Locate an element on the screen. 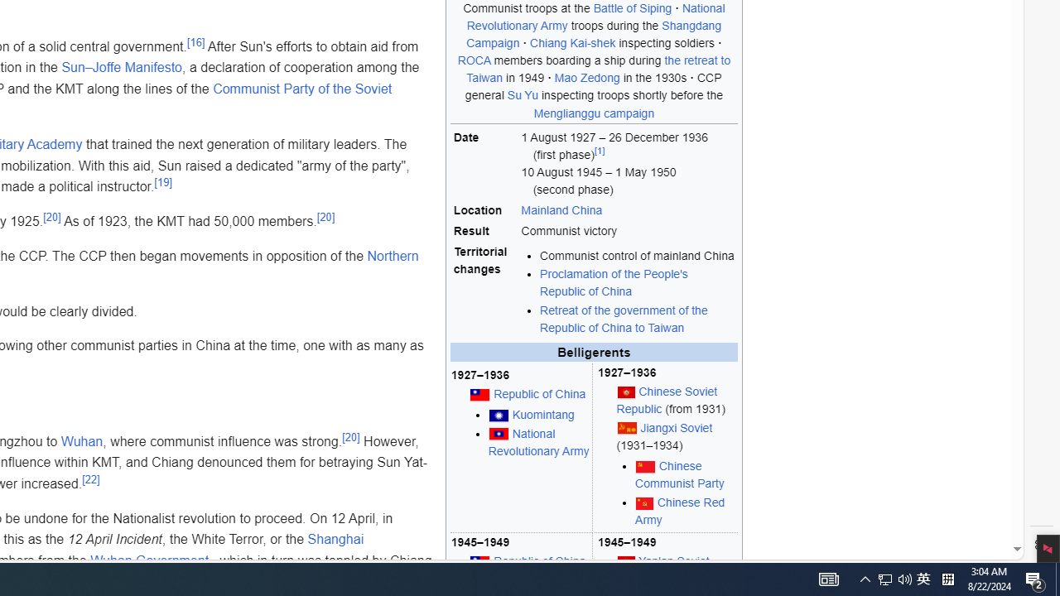  'Kuomintang' is located at coordinates (543, 414).